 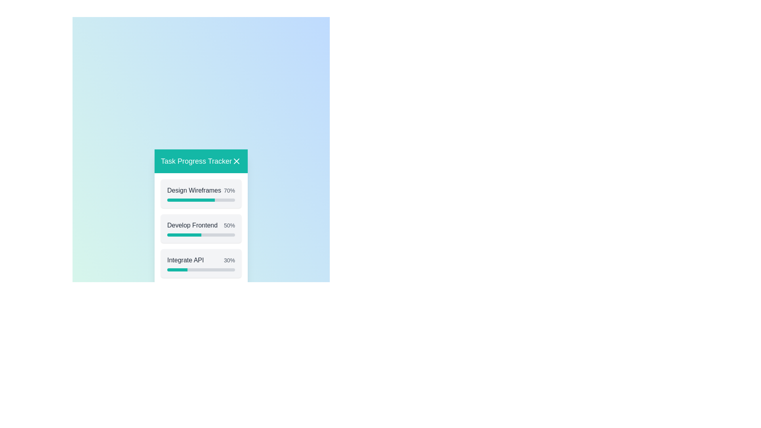 I want to click on the progress bar of the task 'Design Wireframes', so click(x=201, y=199).